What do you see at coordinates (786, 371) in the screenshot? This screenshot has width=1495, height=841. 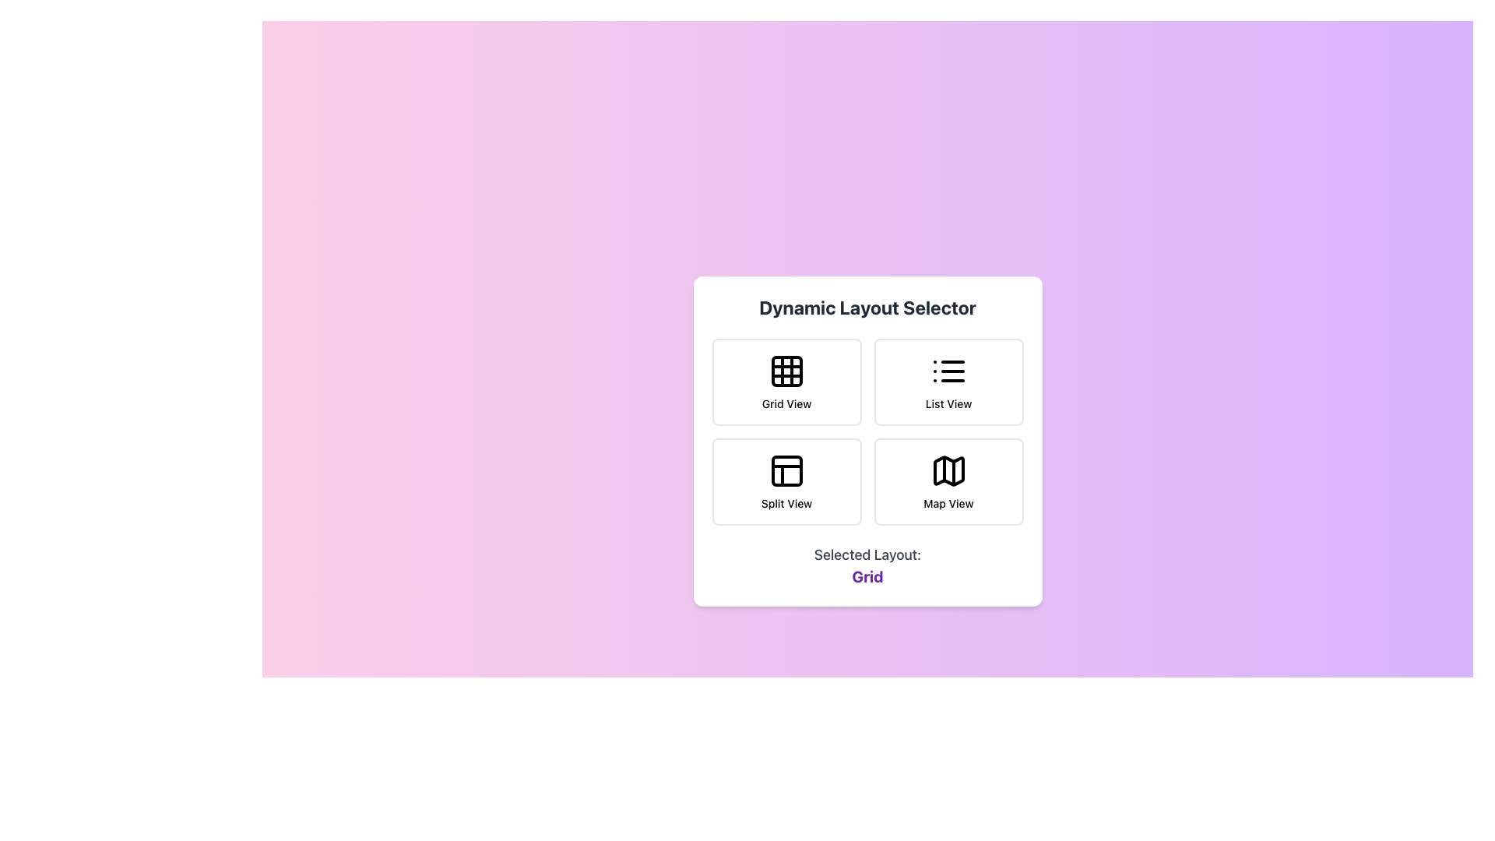 I see `the 'Grid View' icon, which is a 3x3 grid of squares with black lines on a white background, located in the top-left section of the layout options panel` at bounding box center [786, 371].